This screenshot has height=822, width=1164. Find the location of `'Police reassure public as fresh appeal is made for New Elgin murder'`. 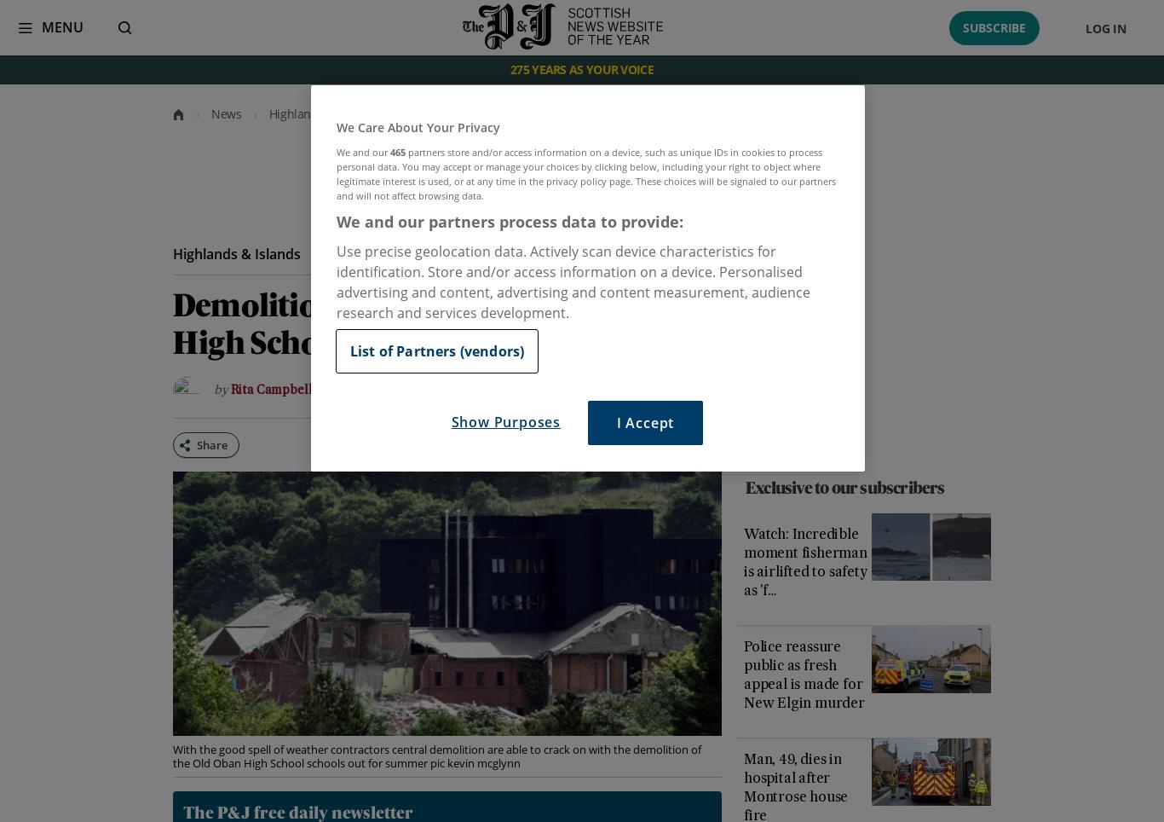

'Police reassure public as fresh appeal is made for New Elgin murder' is located at coordinates (803, 675).